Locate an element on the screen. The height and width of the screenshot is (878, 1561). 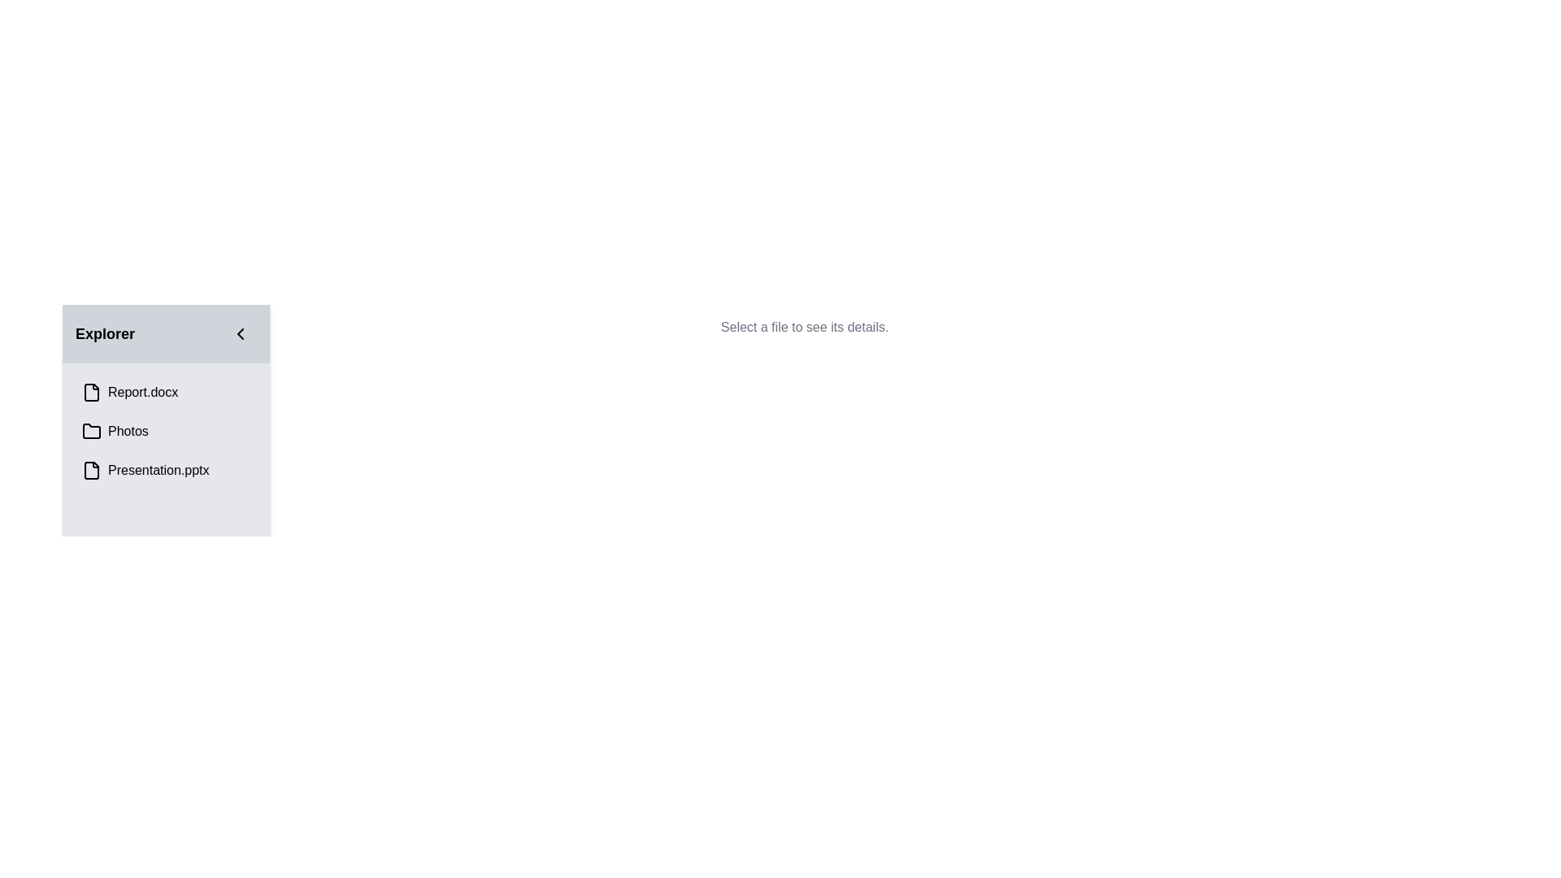
the 'Report.docx' button, which is the first item in the 'Explorer' sidebar is located at coordinates (166, 392).